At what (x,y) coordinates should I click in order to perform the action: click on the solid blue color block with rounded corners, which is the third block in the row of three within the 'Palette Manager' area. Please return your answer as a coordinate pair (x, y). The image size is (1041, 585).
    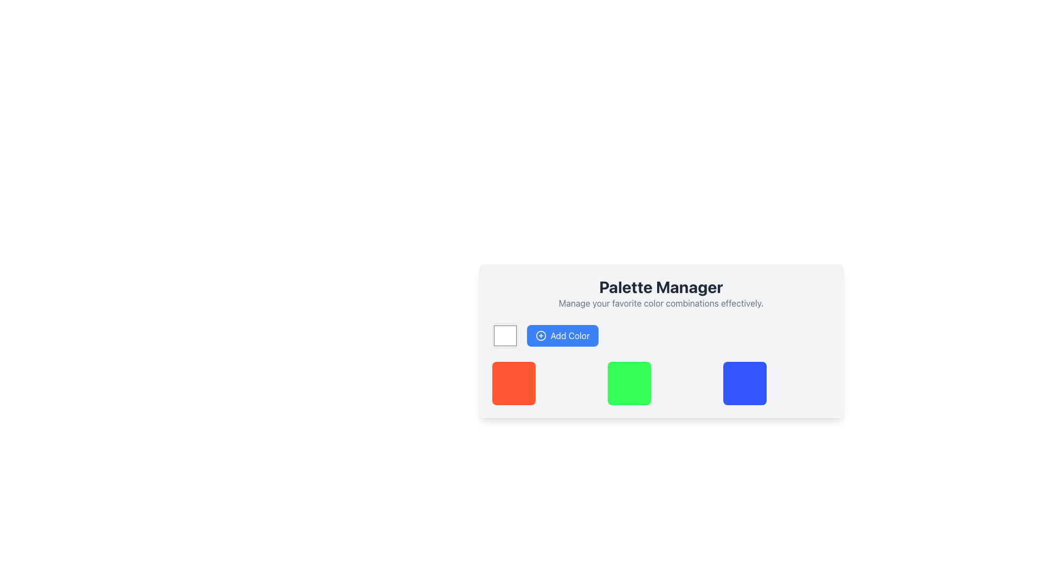
    Looking at the image, I should click on (744, 383).